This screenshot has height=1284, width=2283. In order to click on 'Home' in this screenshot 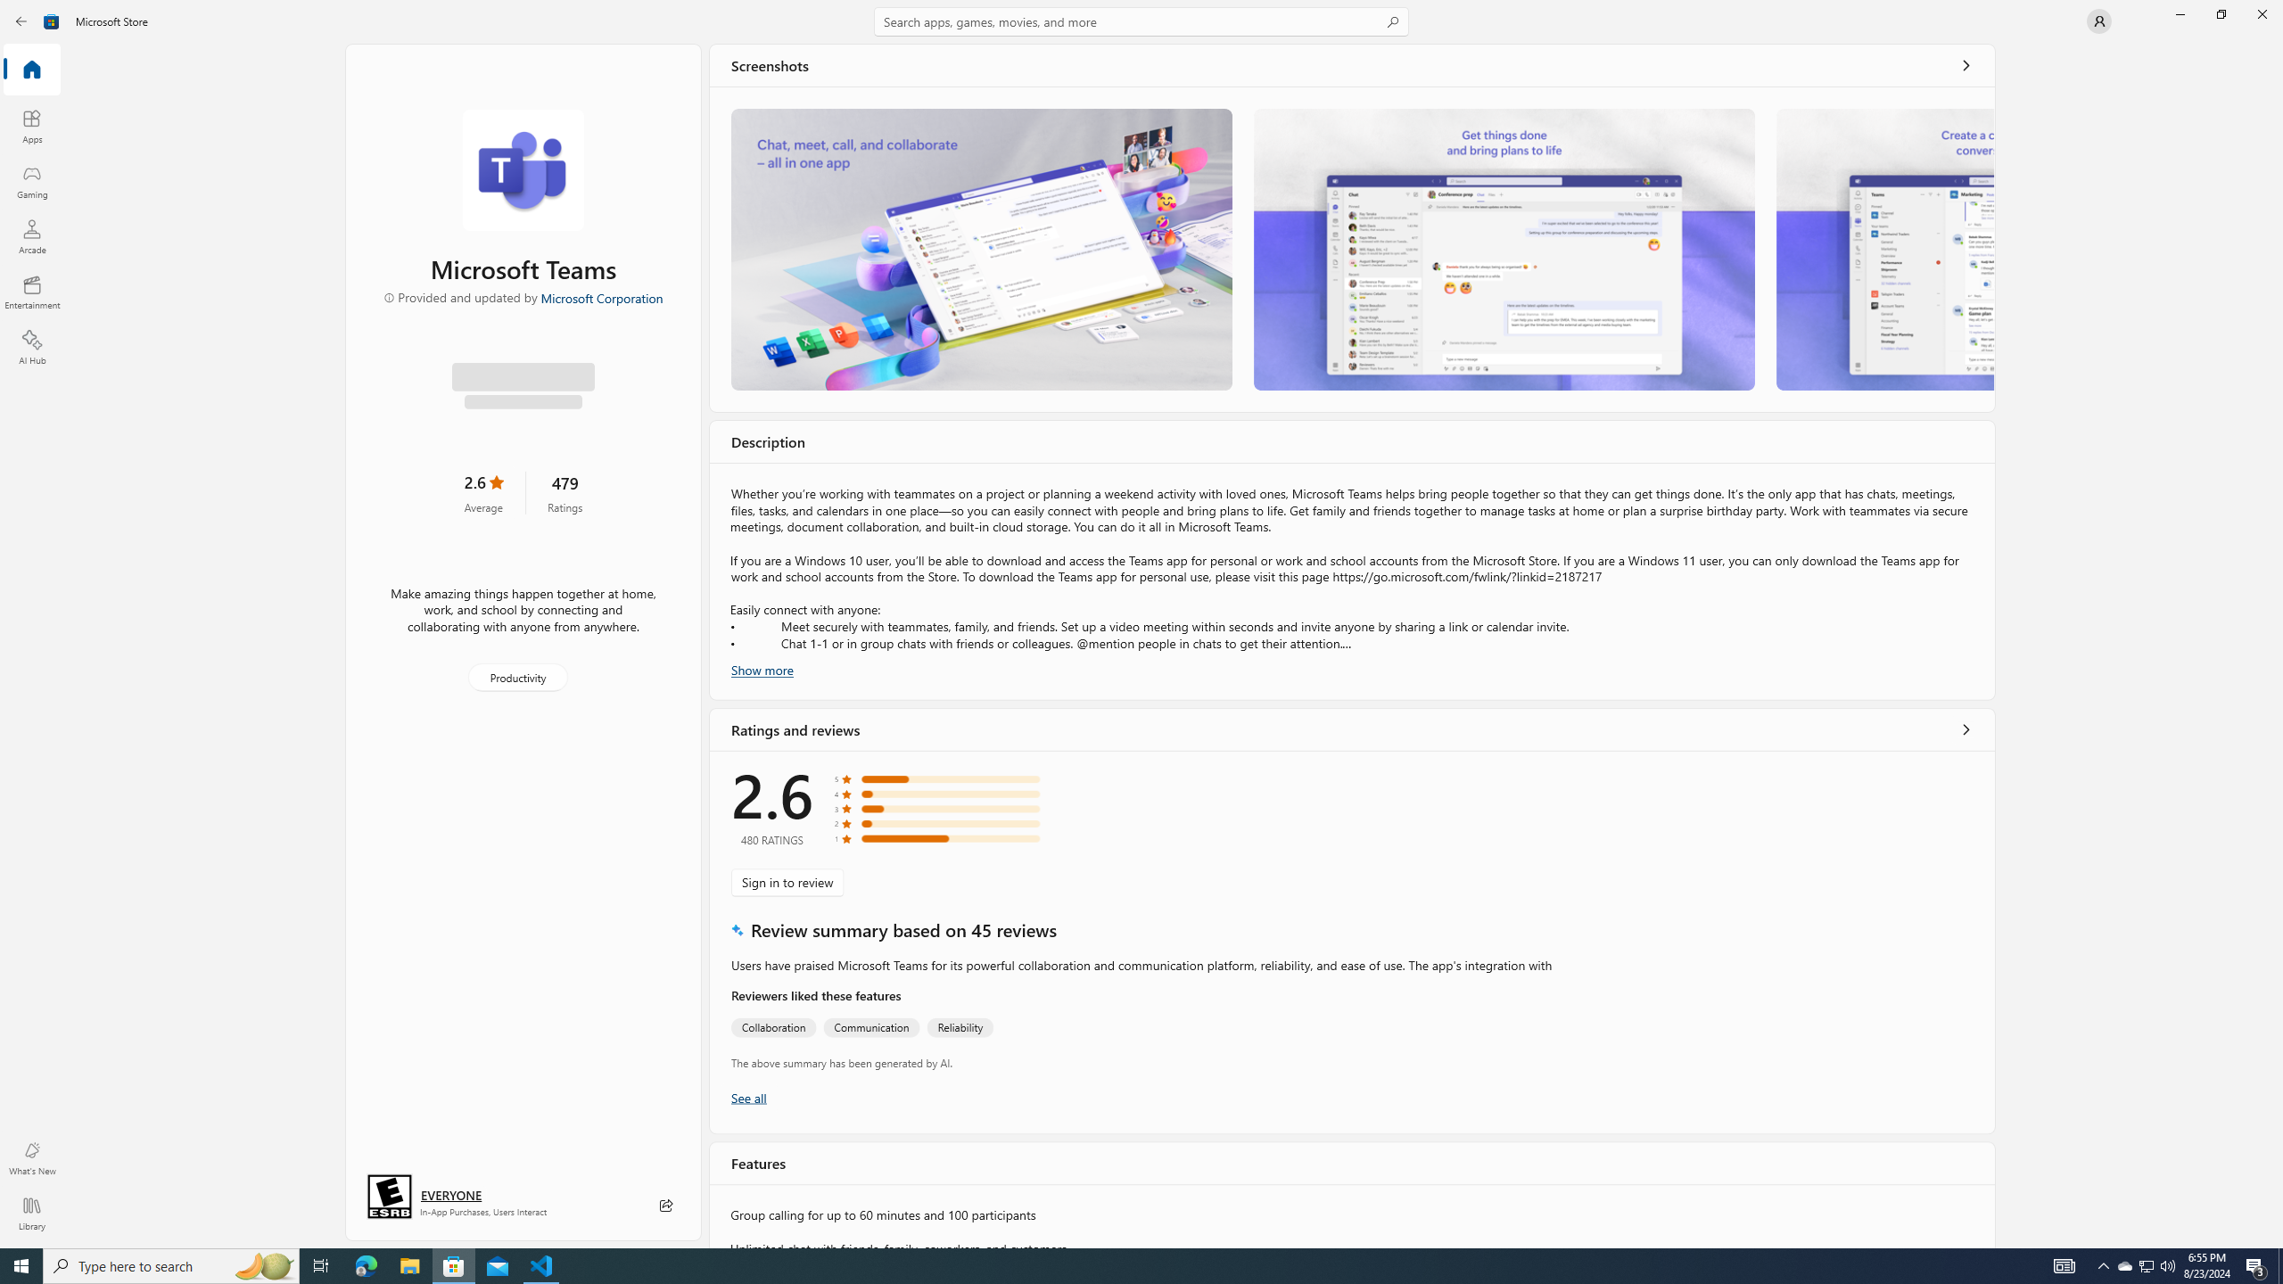, I will do `click(30, 70)`.